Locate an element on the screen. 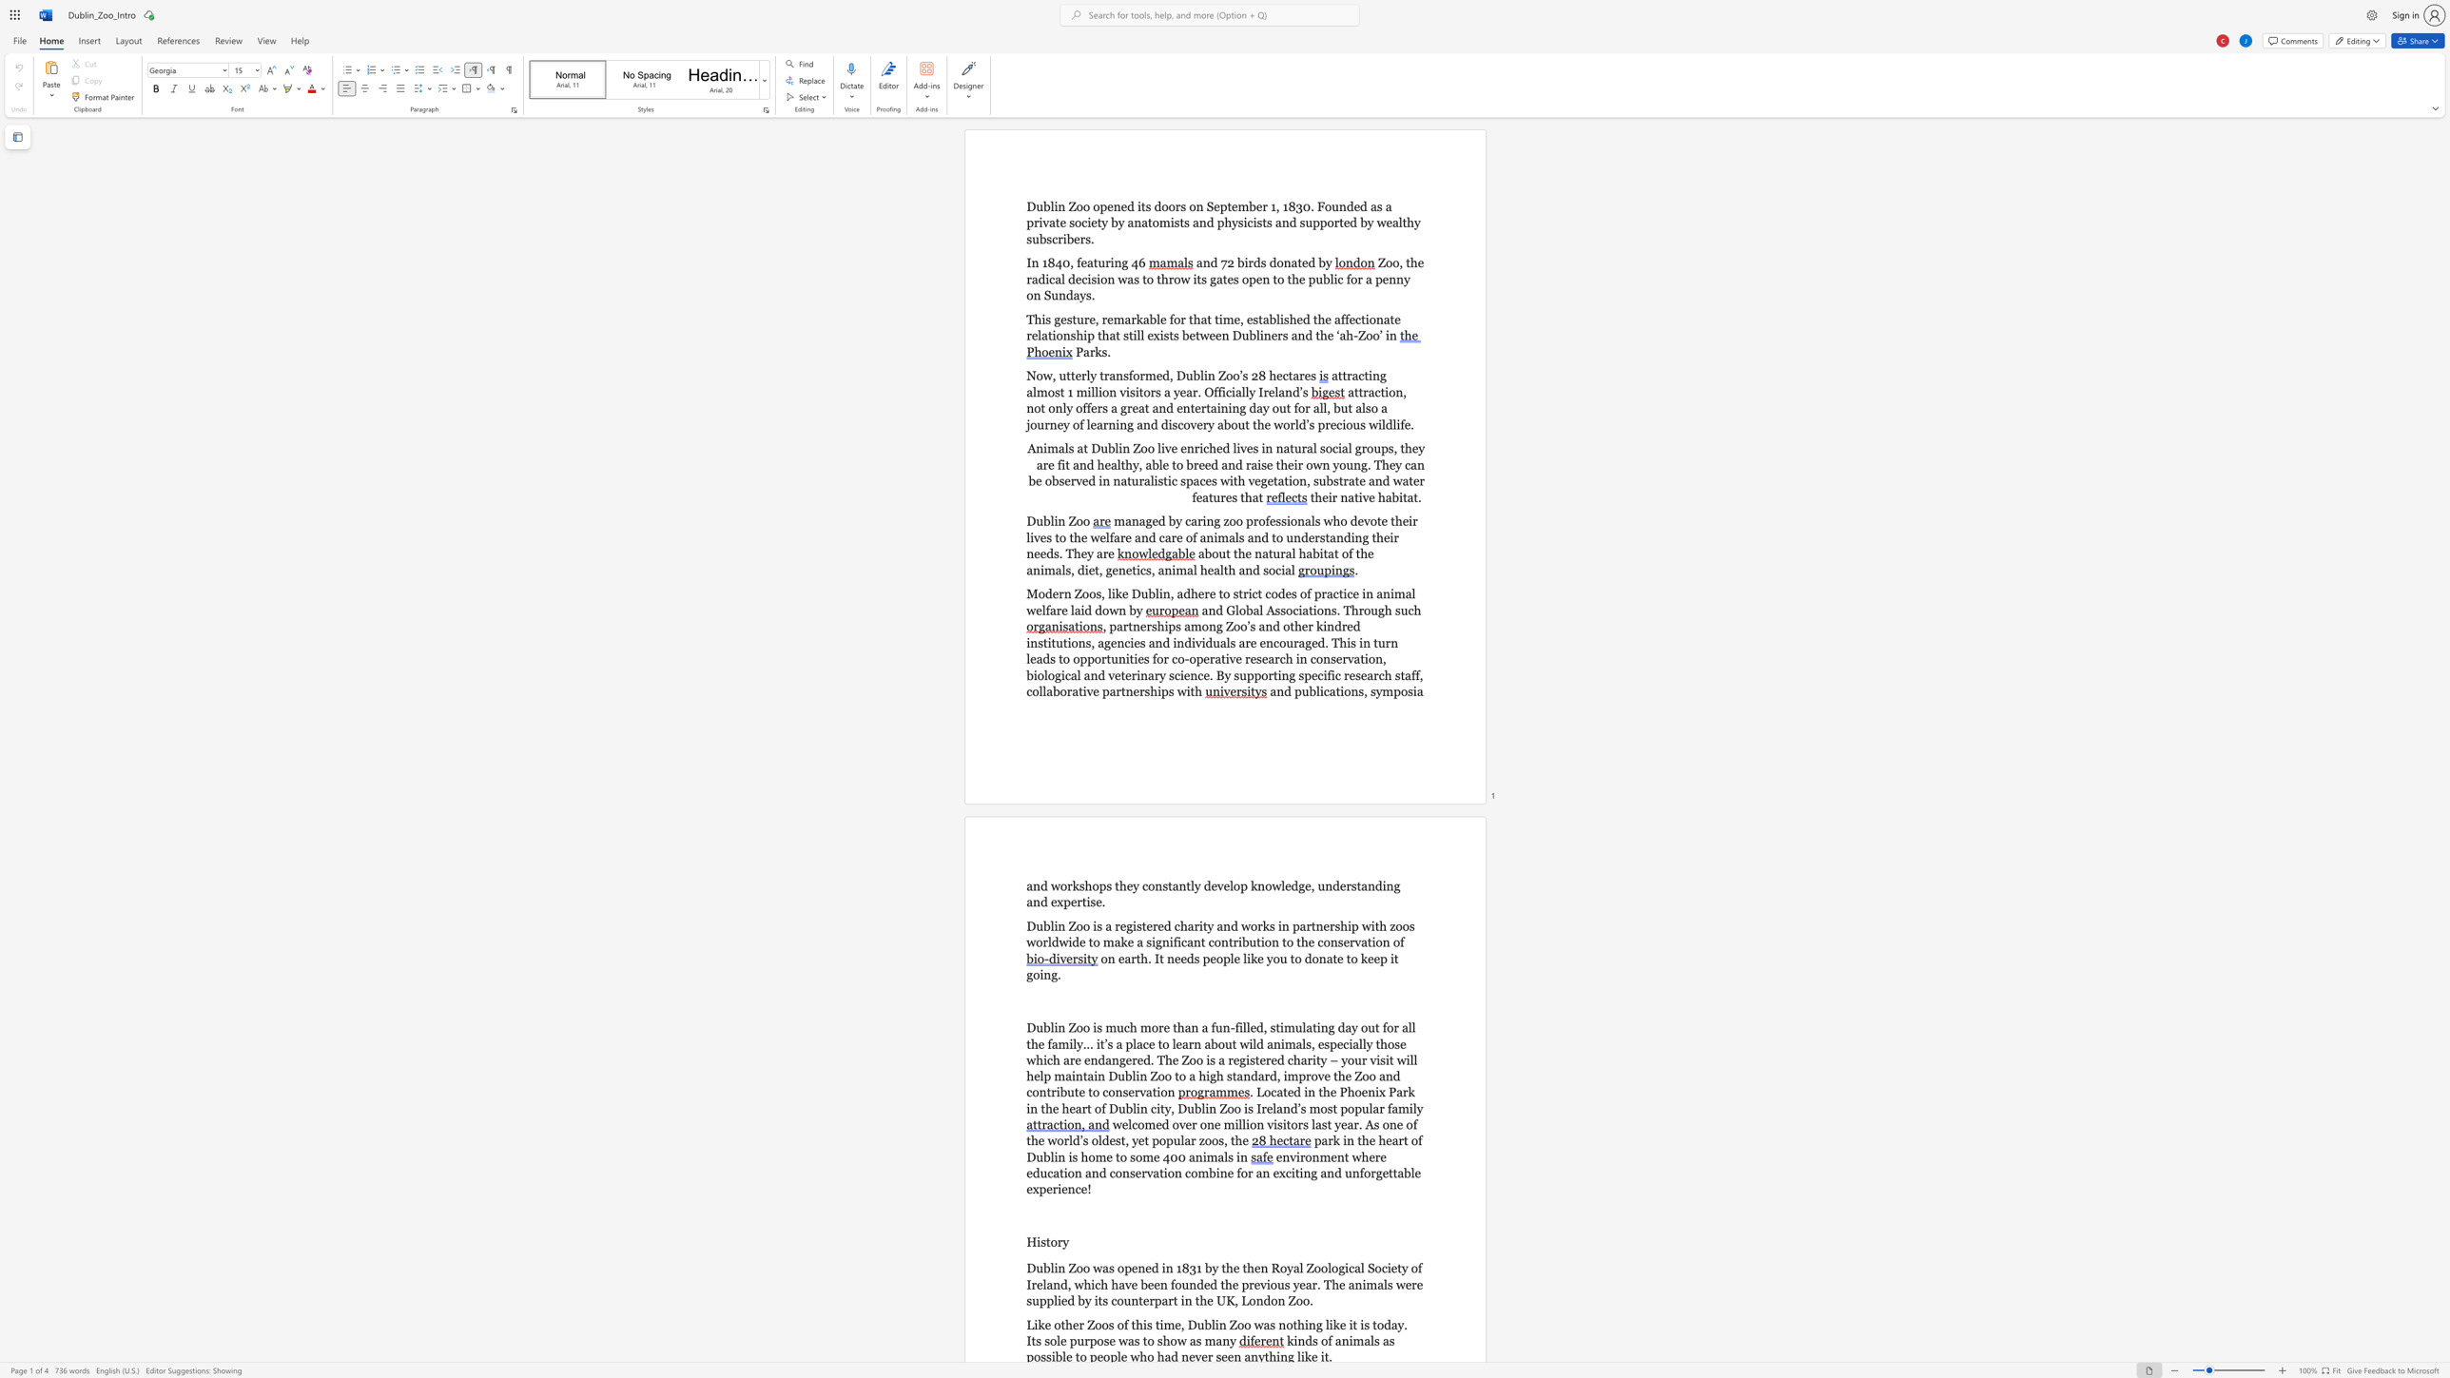 This screenshot has height=1378, width=2450. the subset text "o devote their lives to the welfare and care of animals a" within the text "managed by caring zoo professionals who devote their lives to the welfare and care of animals and to understanding their needs. They are" is located at coordinates (1339, 520).